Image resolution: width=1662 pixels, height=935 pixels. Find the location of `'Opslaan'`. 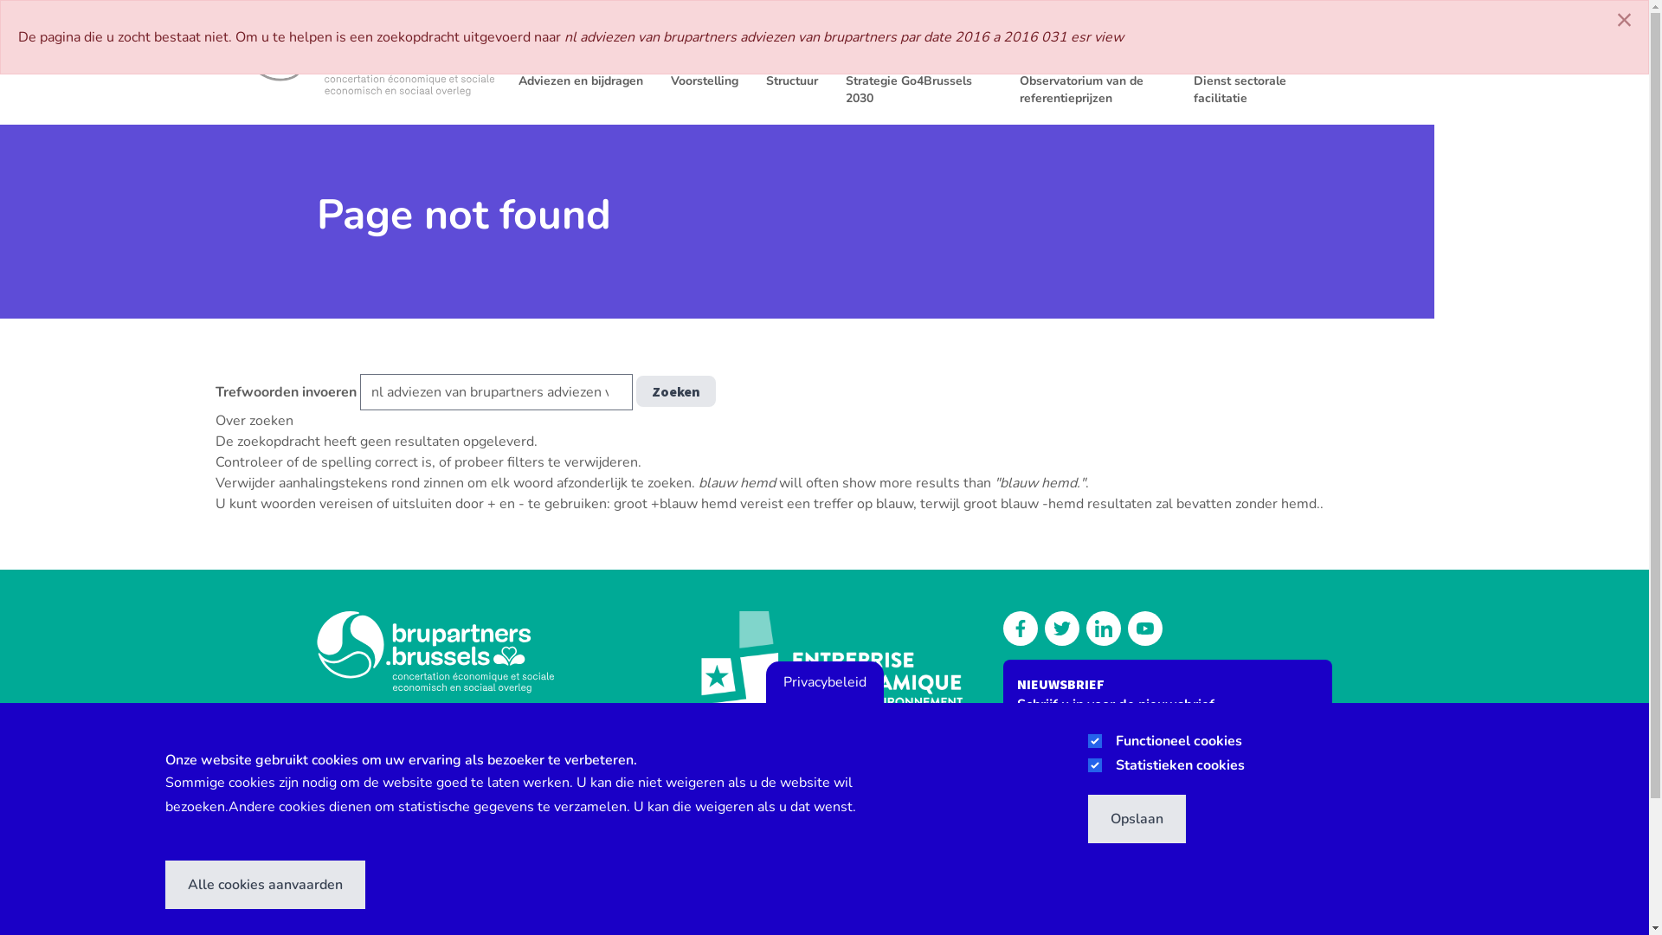

'Opslaan' is located at coordinates (1087, 818).